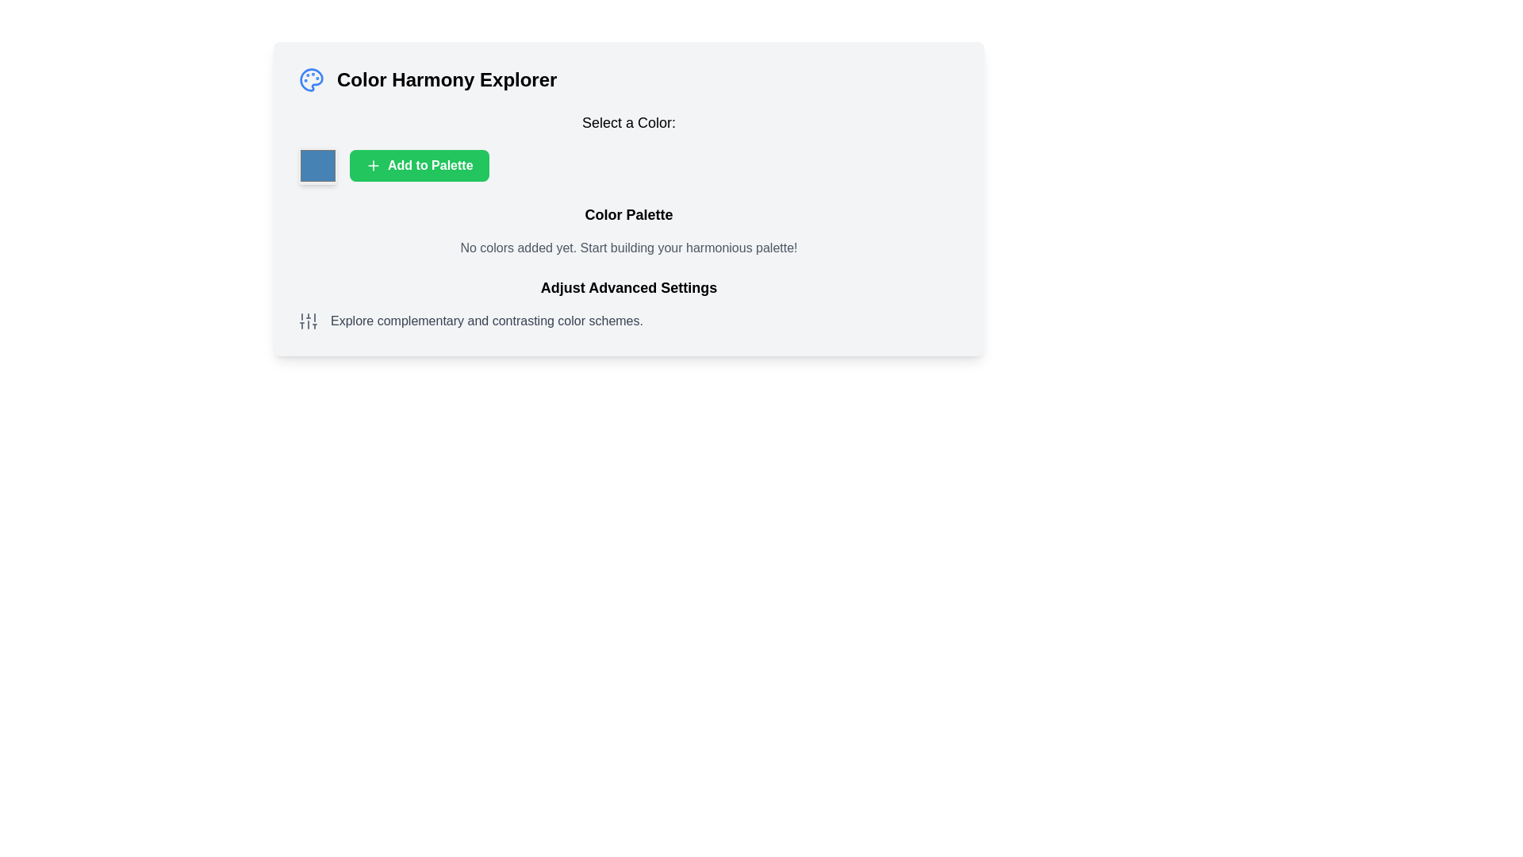 Image resolution: width=1523 pixels, height=857 pixels. What do you see at coordinates (372, 165) in the screenshot?
I see `the icon to the left of the 'Add to Palette' text` at bounding box center [372, 165].